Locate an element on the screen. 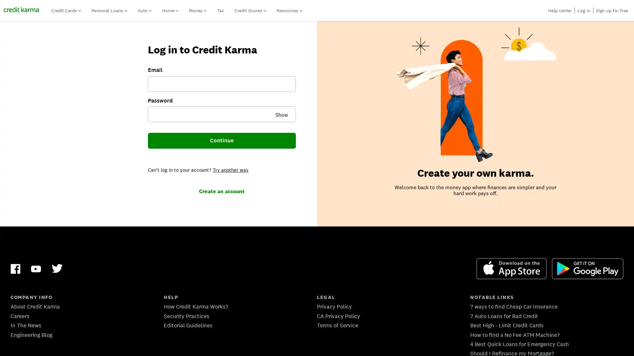  Continue is located at coordinates (222, 140).